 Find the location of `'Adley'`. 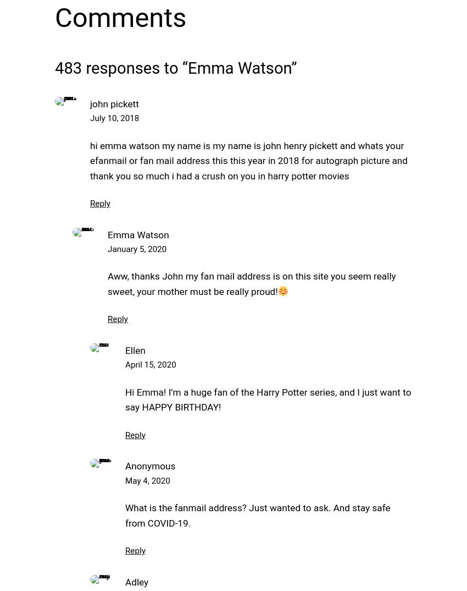

'Adley' is located at coordinates (136, 582).